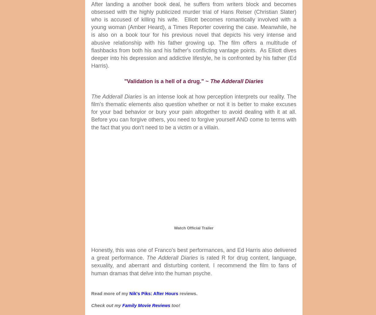 Image resolution: width=376 pixels, height=315 pixels. Describe the element at coordinates (107, 305) in the screenshot. I see `'Check out my'` at that location.